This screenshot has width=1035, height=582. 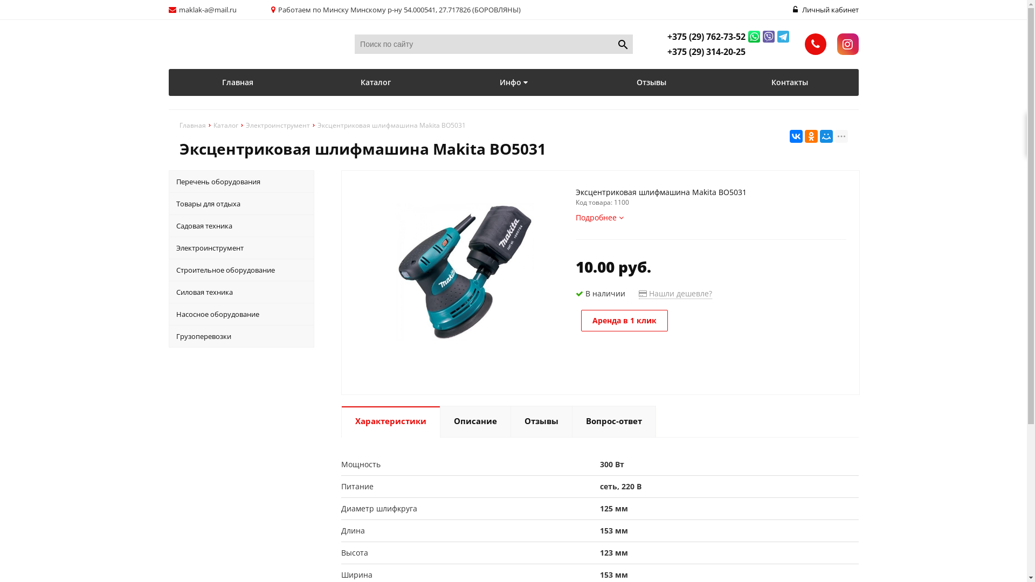 I want to click on '+375 (29) 314-20-25', so click(x=706, y=52).